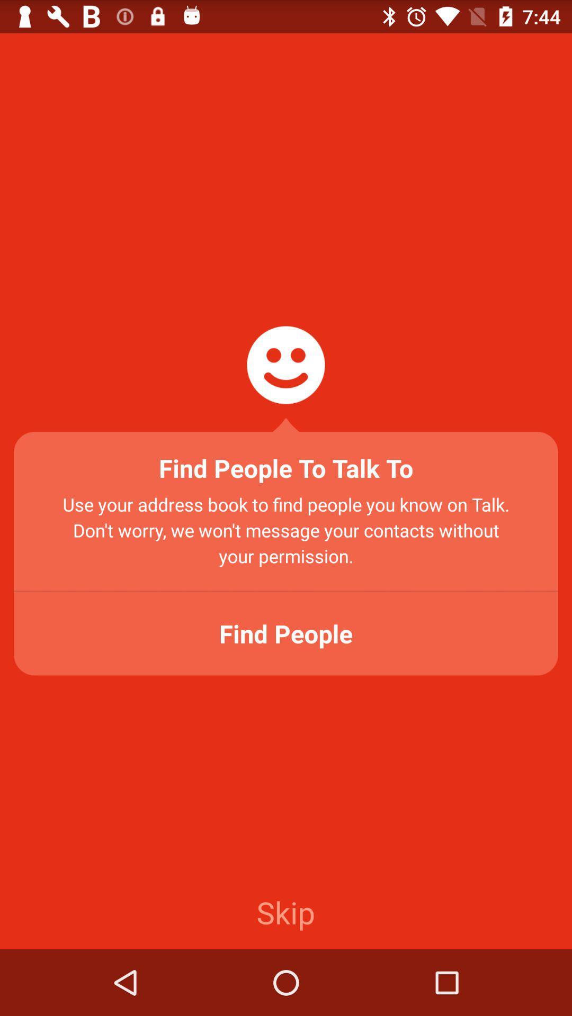 This screenshot has height=1016, width=572. I want to click on the skip app, so click(285, 911).